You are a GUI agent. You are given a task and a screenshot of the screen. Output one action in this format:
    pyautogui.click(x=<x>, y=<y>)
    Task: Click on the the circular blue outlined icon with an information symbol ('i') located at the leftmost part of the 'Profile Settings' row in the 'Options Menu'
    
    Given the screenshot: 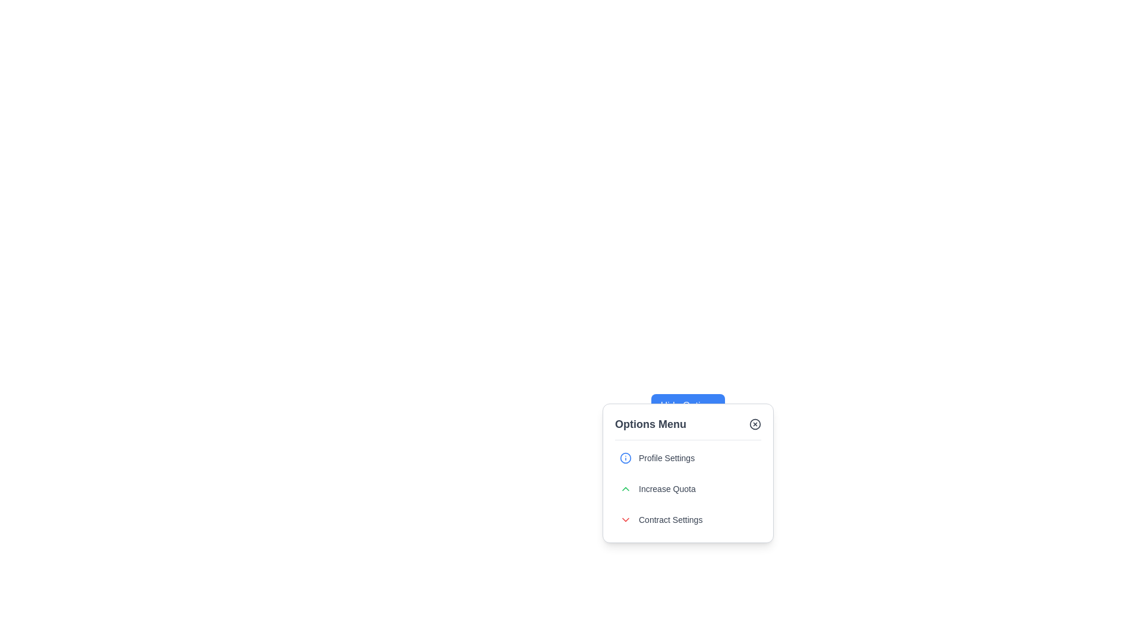 What is the action you would take?
    pyautogui.click(x=625, y=457)
    